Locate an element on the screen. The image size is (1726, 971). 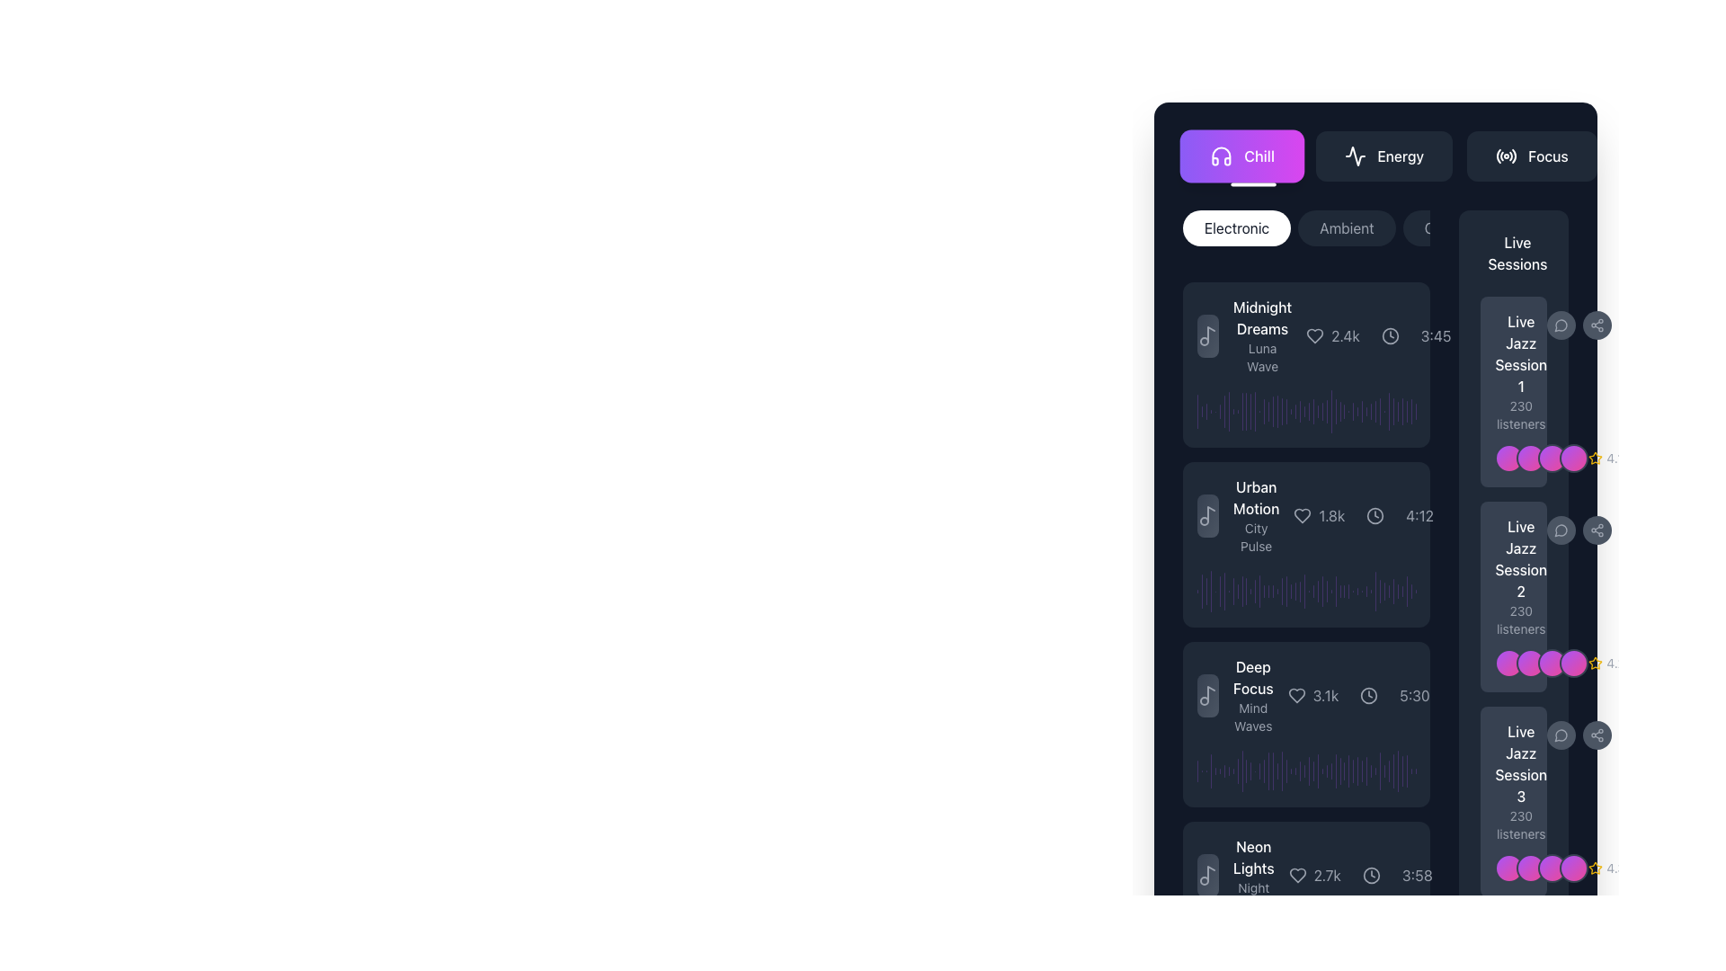
the text label displaying '230 listeners' which is located beneath the 'Live Jazz Session 3' title in the right-hand sidebar is located at coordinates (1520, 825).